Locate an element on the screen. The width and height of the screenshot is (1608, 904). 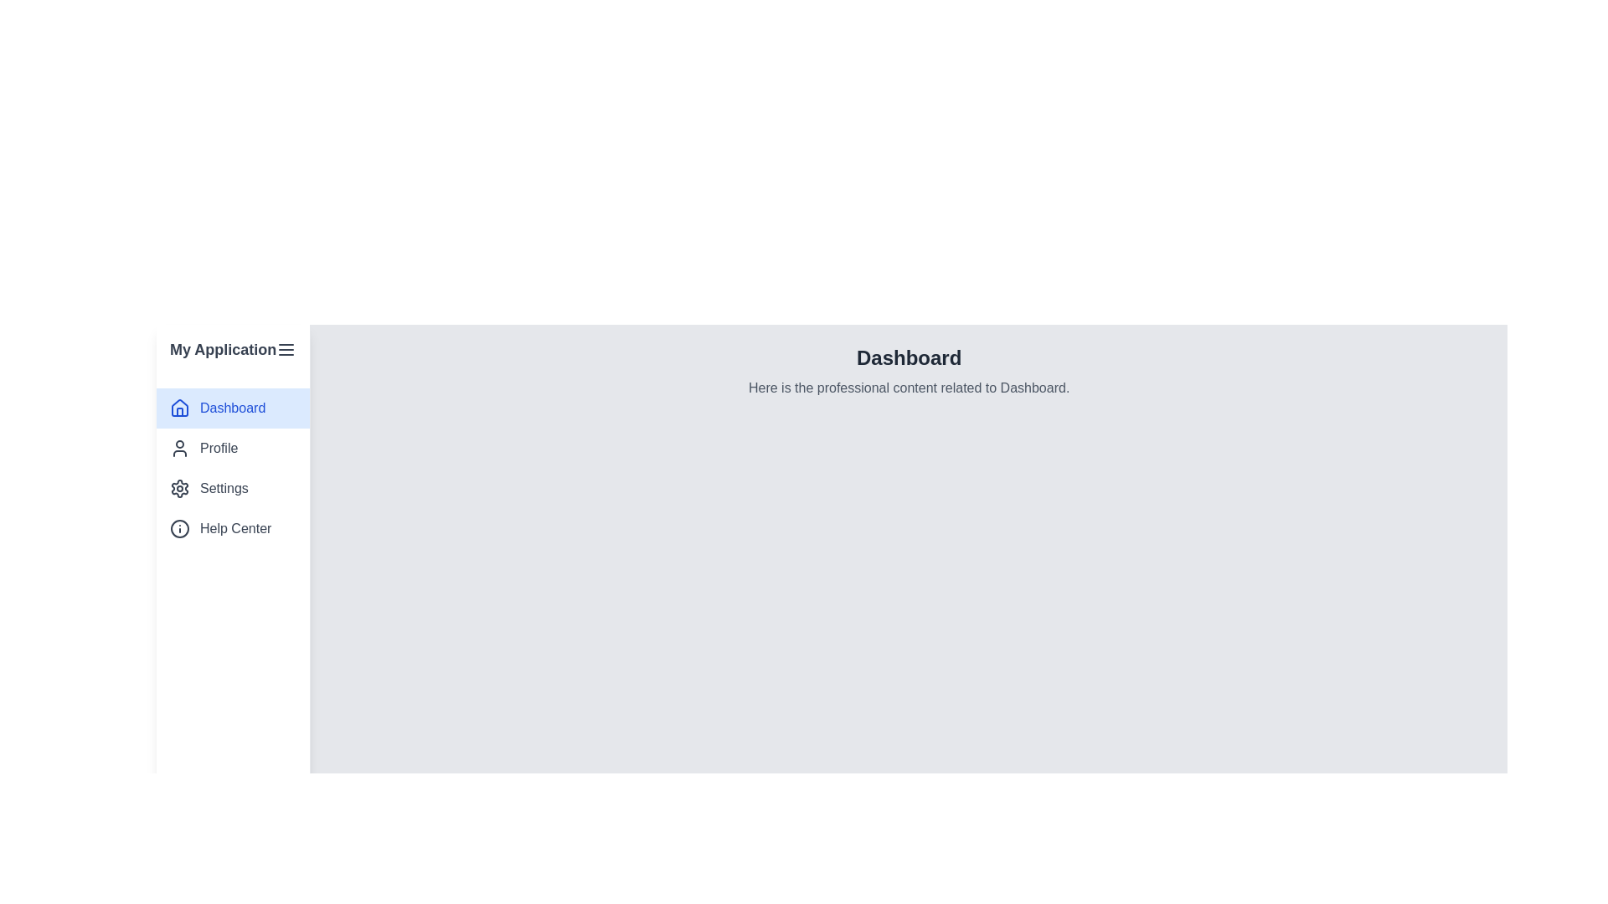
the navigation menu item located third in the vertical list of the left sidebar is located at coordinates (232, 488).